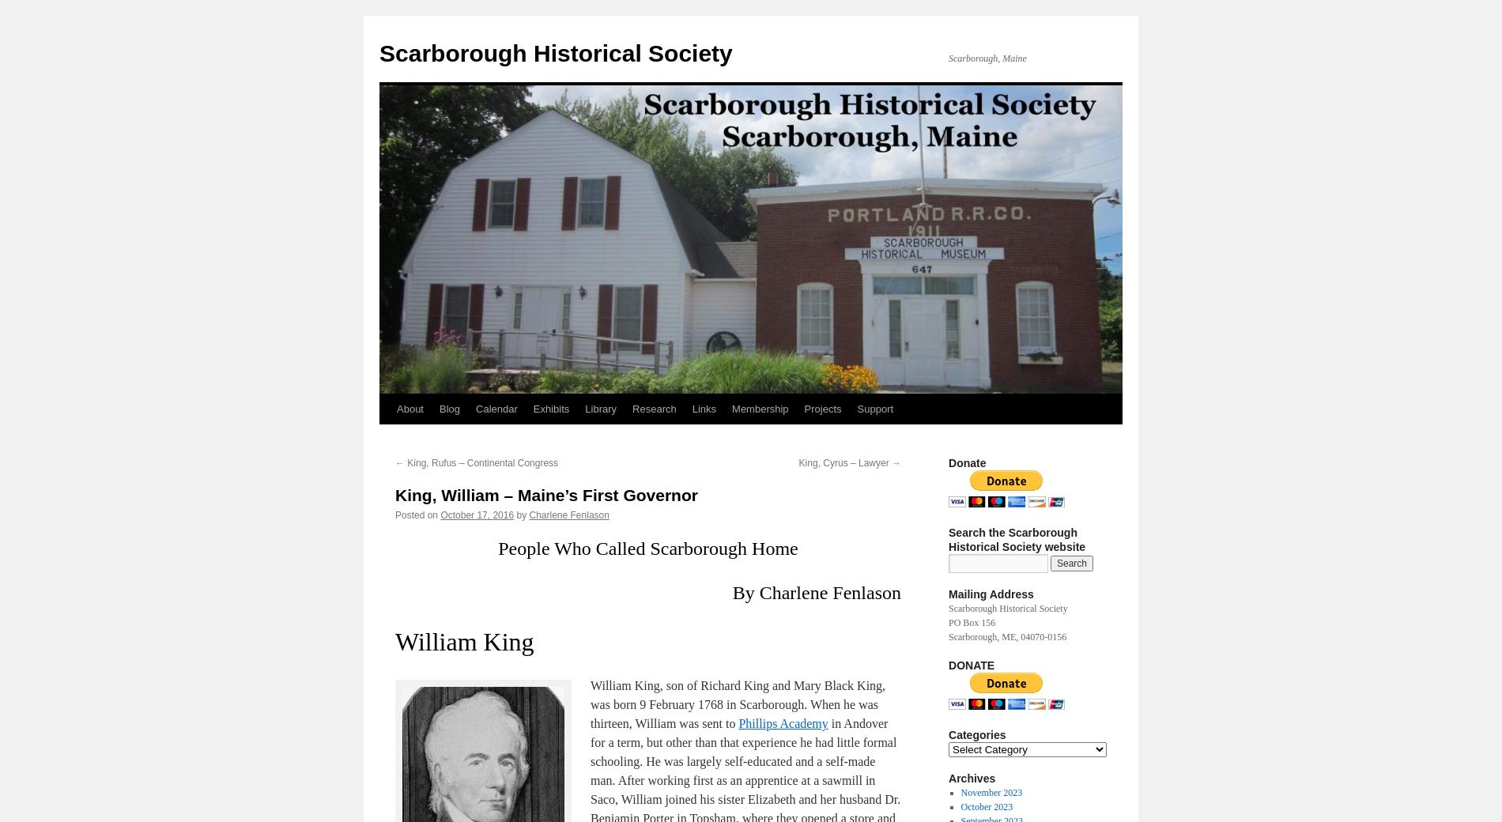  Describe the element at coordinates (516, 515) in the screenshot. I see `'by'` at that location.